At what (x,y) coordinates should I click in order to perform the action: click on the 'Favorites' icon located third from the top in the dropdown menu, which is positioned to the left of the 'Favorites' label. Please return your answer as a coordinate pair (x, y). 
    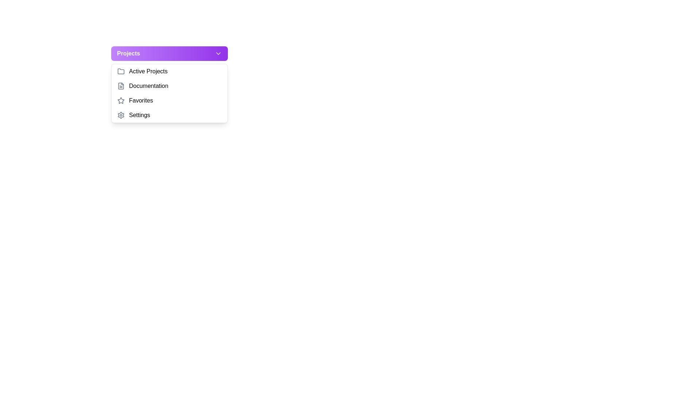
    Looking at the image, I should click on (121, 101).